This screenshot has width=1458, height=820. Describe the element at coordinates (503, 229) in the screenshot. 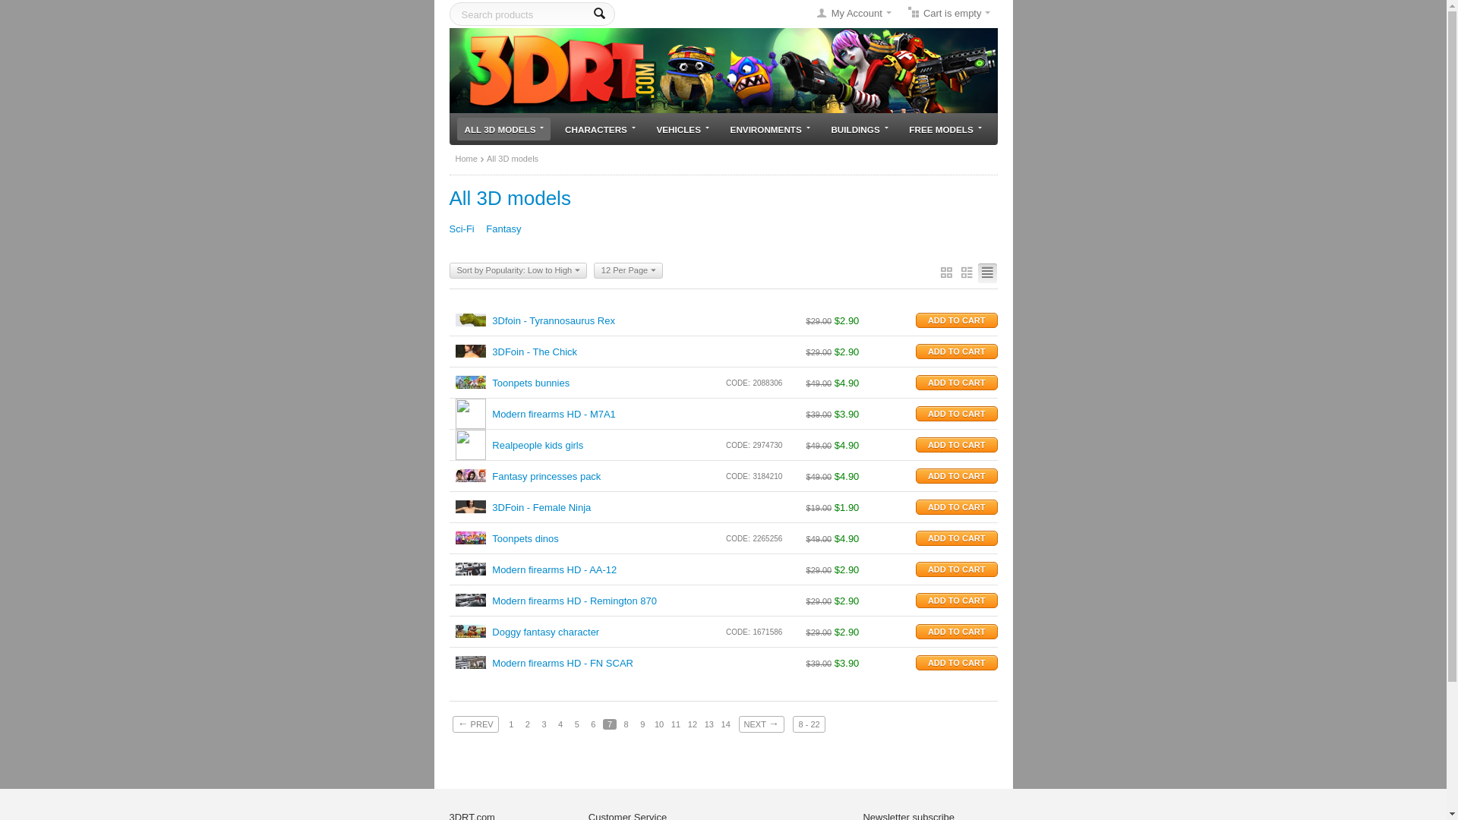

I see `'Fantasy'` at that location.